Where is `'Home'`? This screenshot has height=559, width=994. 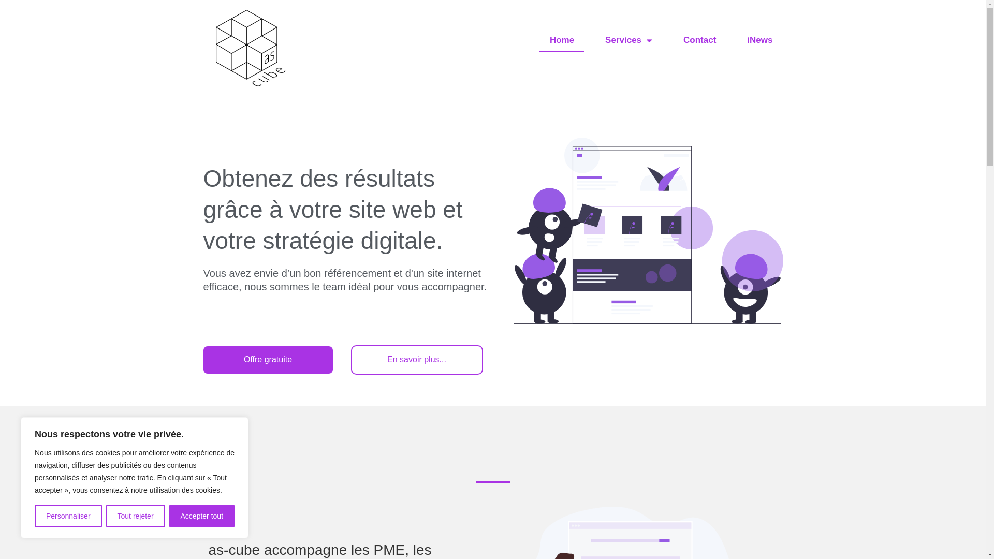 'Home' is located at coordinates (561, 39).